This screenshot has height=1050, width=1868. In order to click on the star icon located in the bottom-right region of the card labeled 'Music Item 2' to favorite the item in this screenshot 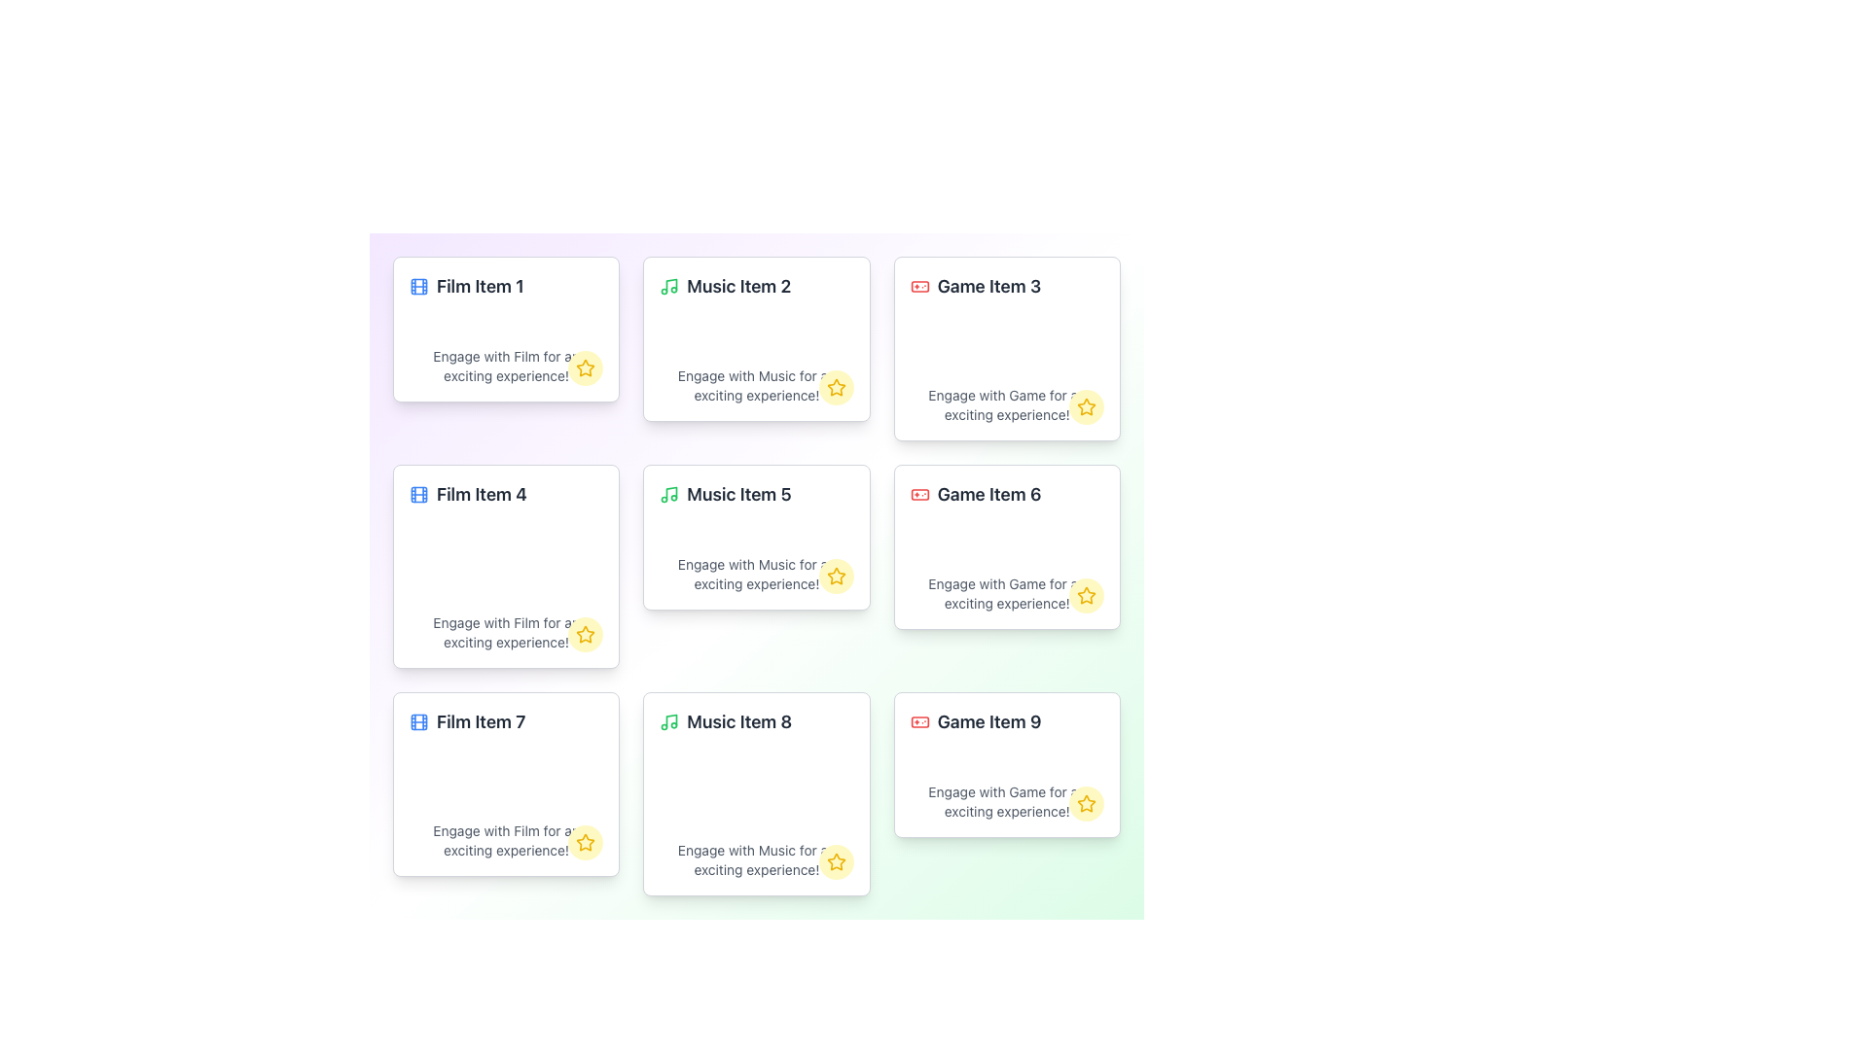, I will do `click(836, 387)`.